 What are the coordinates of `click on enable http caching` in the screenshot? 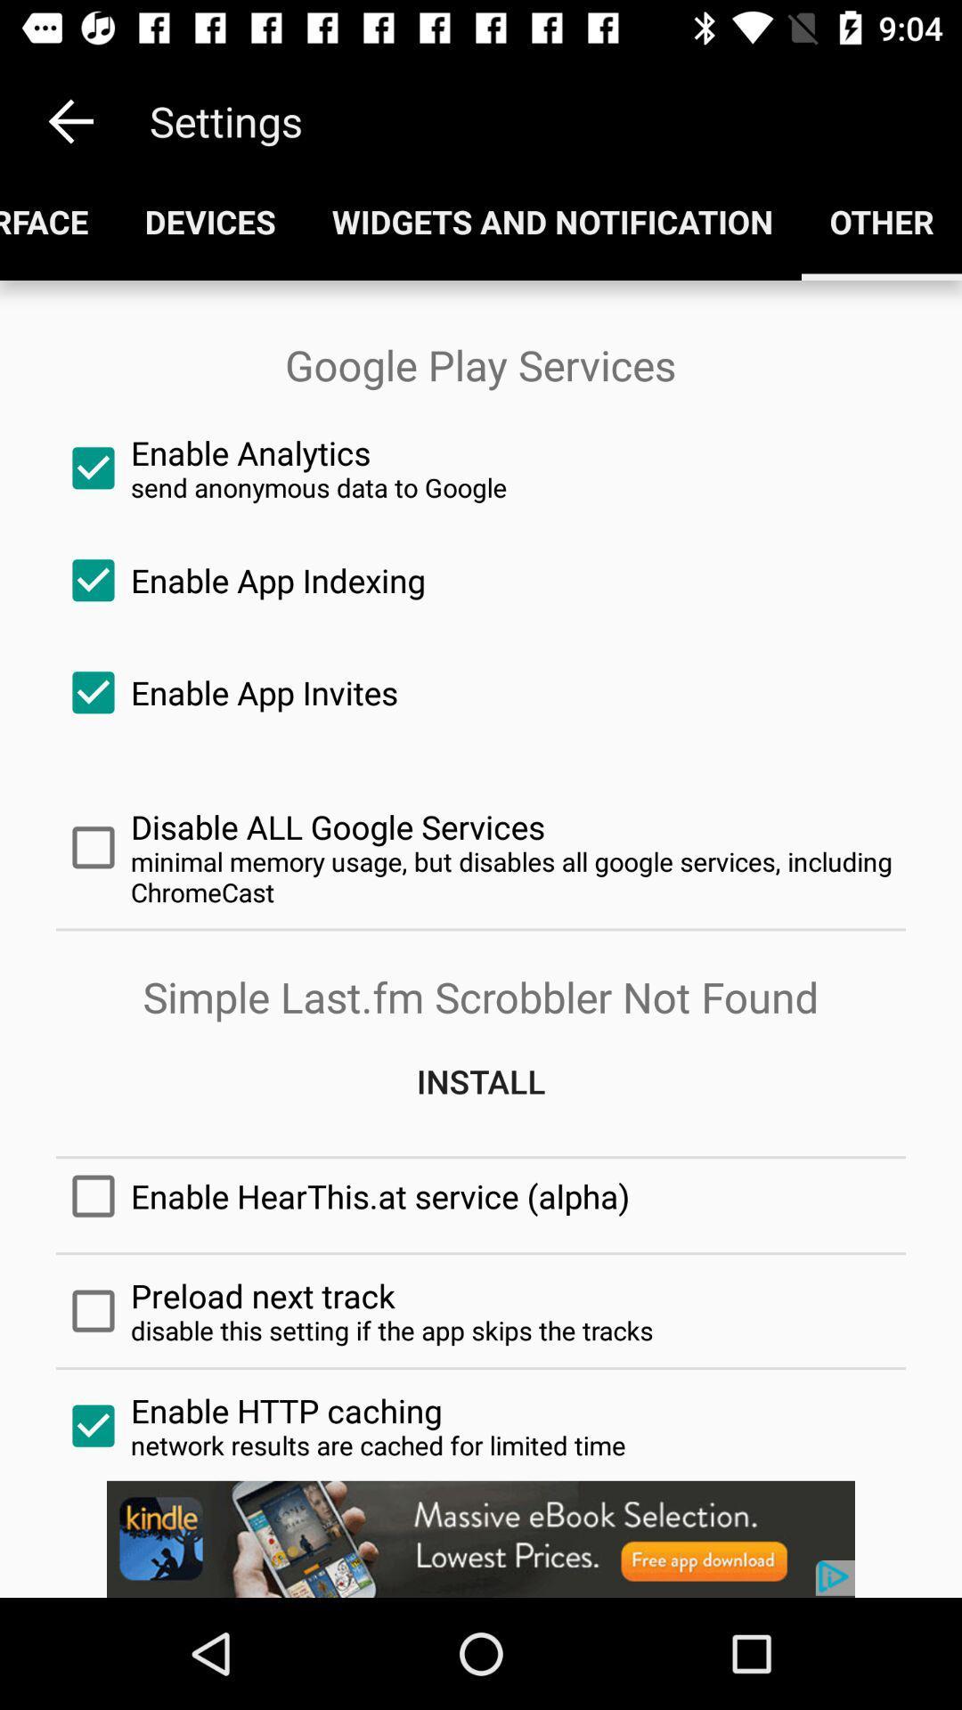 It's located at (481, 1426).